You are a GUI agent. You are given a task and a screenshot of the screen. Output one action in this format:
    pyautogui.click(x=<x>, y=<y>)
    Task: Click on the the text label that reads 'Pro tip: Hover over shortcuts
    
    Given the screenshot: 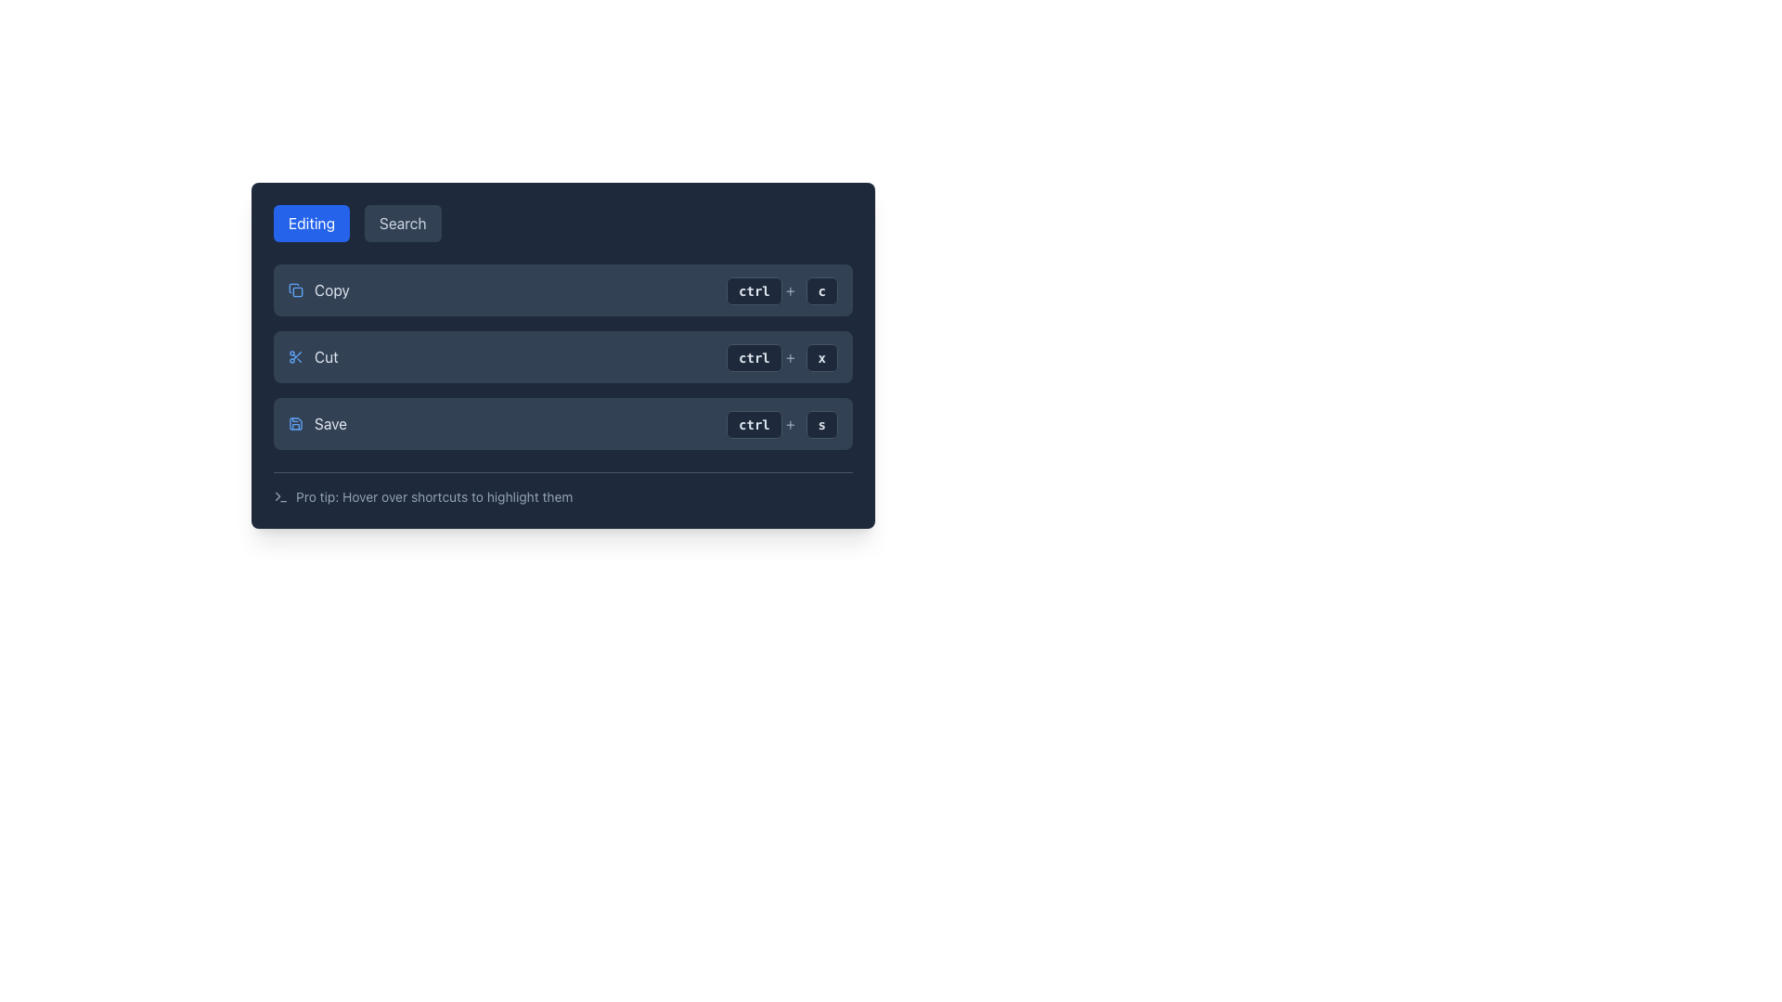 What is the action you would take?
    pyautogui.click(x=433, y=496)
    